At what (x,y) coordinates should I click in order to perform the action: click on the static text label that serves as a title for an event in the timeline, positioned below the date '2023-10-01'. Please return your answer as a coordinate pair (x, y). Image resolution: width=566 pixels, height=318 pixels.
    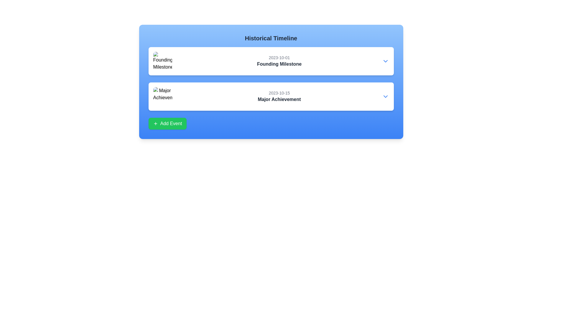
    Looking at the image, I should click on (279, 64).